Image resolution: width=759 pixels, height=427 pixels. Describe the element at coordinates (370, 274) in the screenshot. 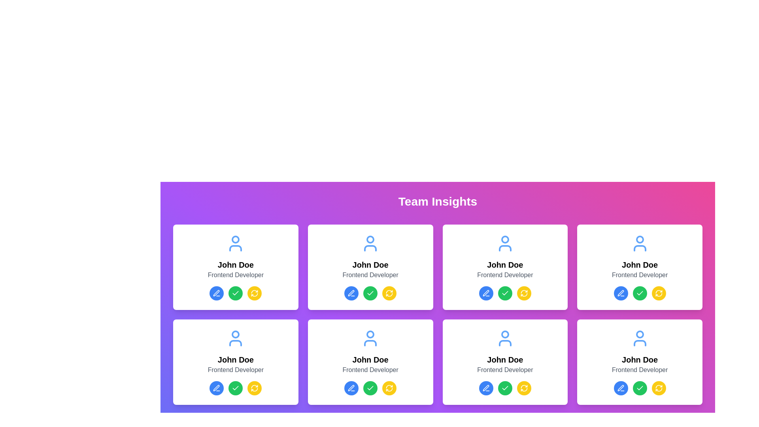

I see `the Text Label indicating the role 'Frontend Developer' below the name 'John Doe' in the central card of the grid layout` at that location.